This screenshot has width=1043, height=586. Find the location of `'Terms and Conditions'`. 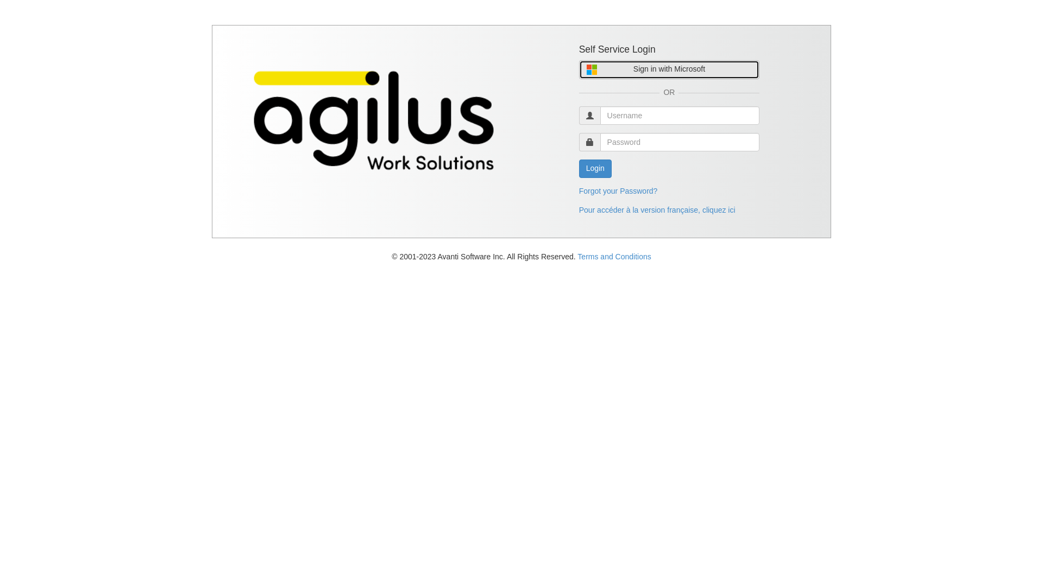

'Terms and Conditions' is located at coordinates (576, 257).